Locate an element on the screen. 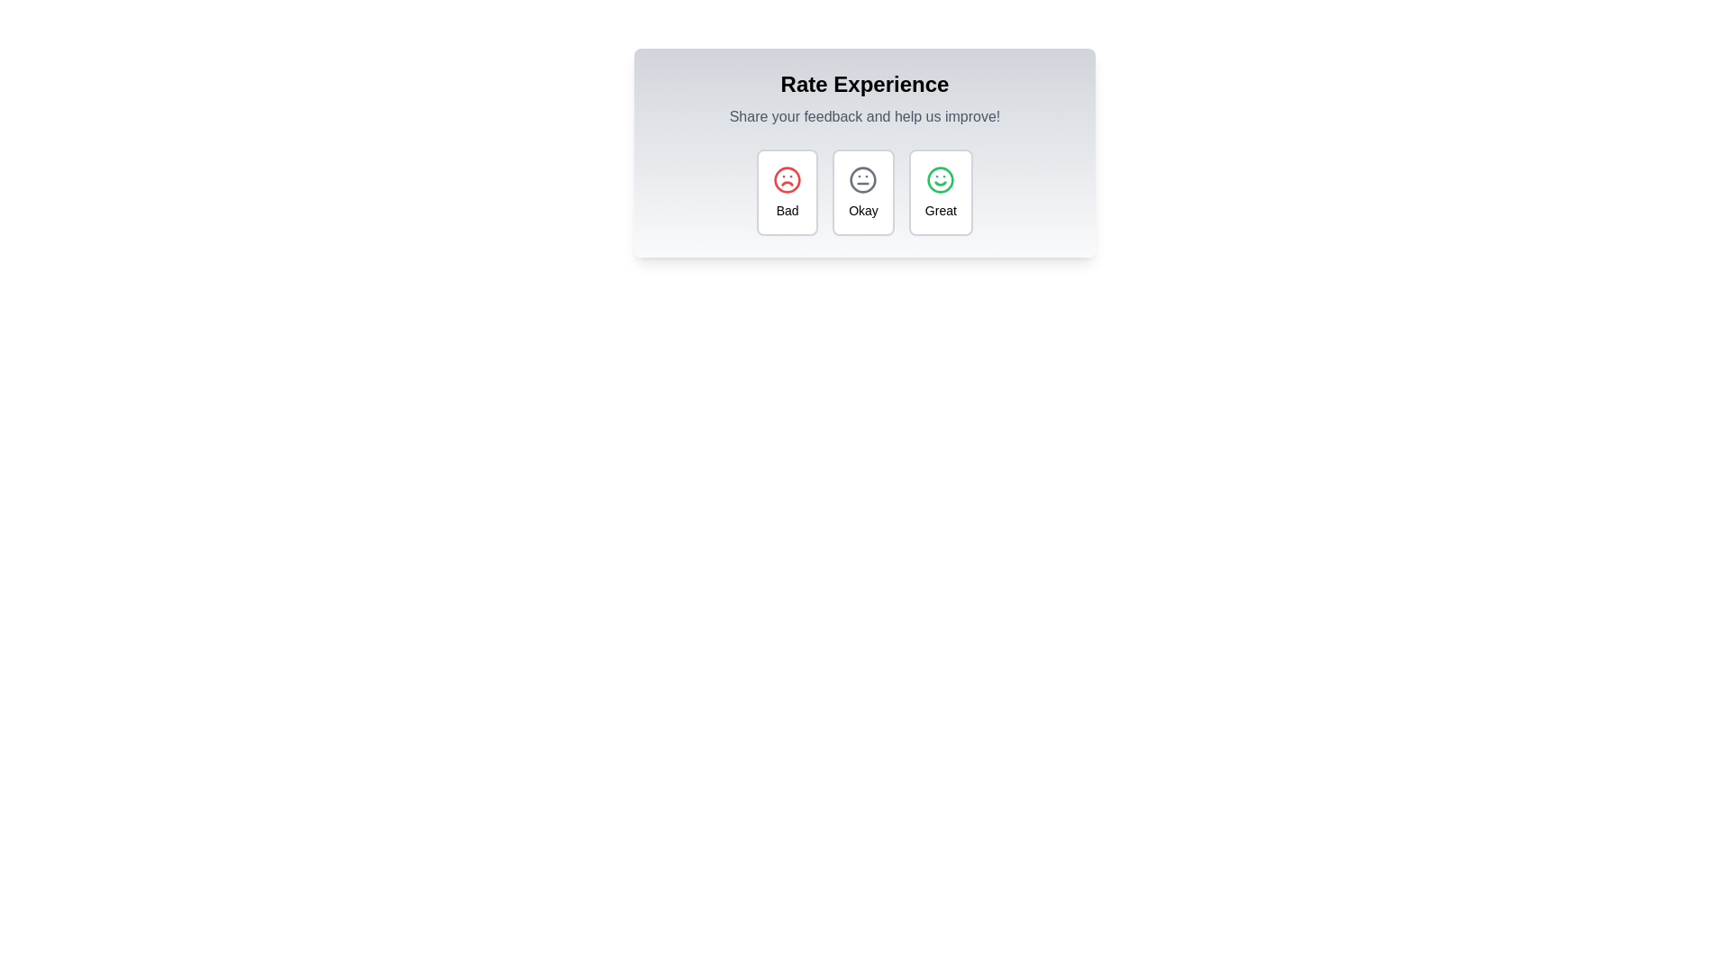 The image size is (1730, 973). the 'Okay' option in the Interactive selector of the 'Rate Experience' panel is located at coordinates (865, 192).